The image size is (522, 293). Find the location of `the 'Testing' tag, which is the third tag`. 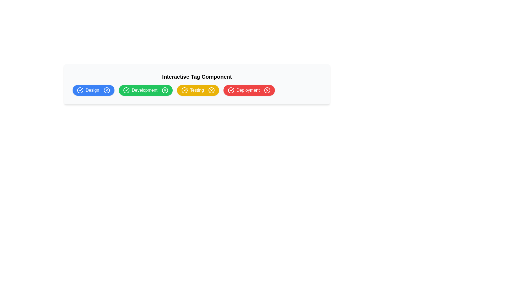

the 'Testing' tag, which is the third tag is located at coordinates (197, 90).